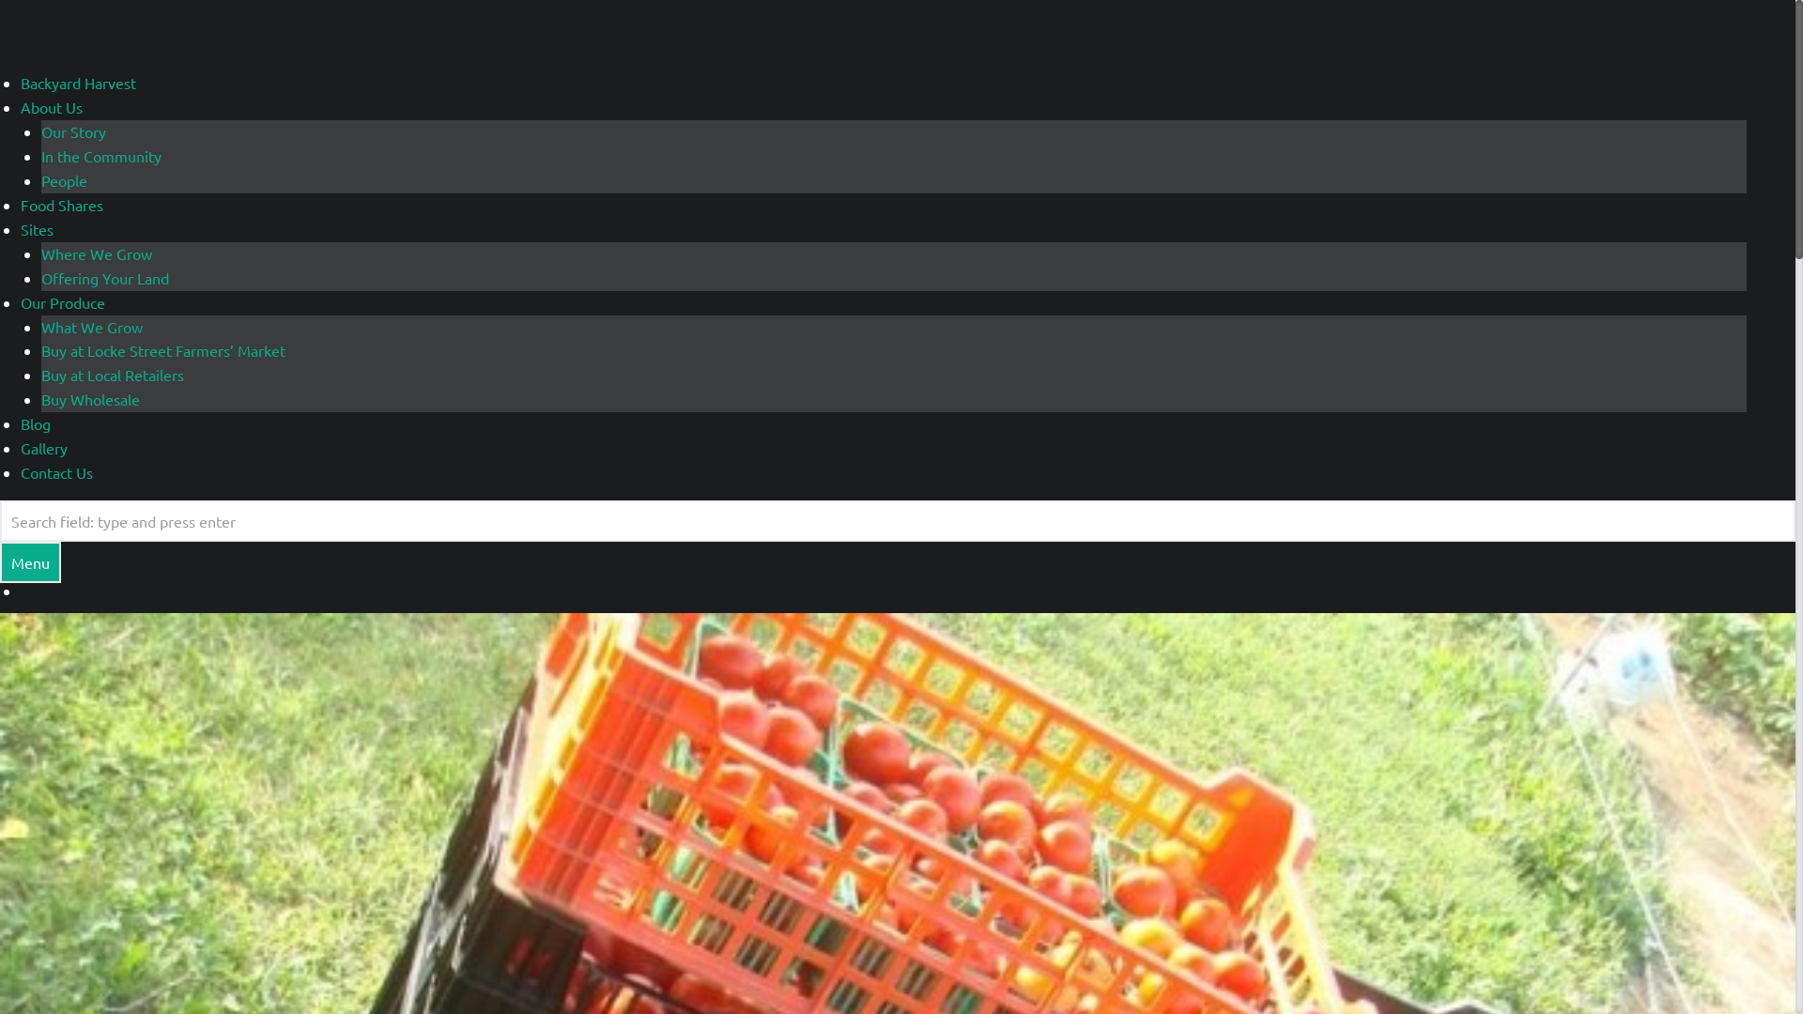 The image size is (1803, 1014). I want to click on 'Menu', so click(30, 561).